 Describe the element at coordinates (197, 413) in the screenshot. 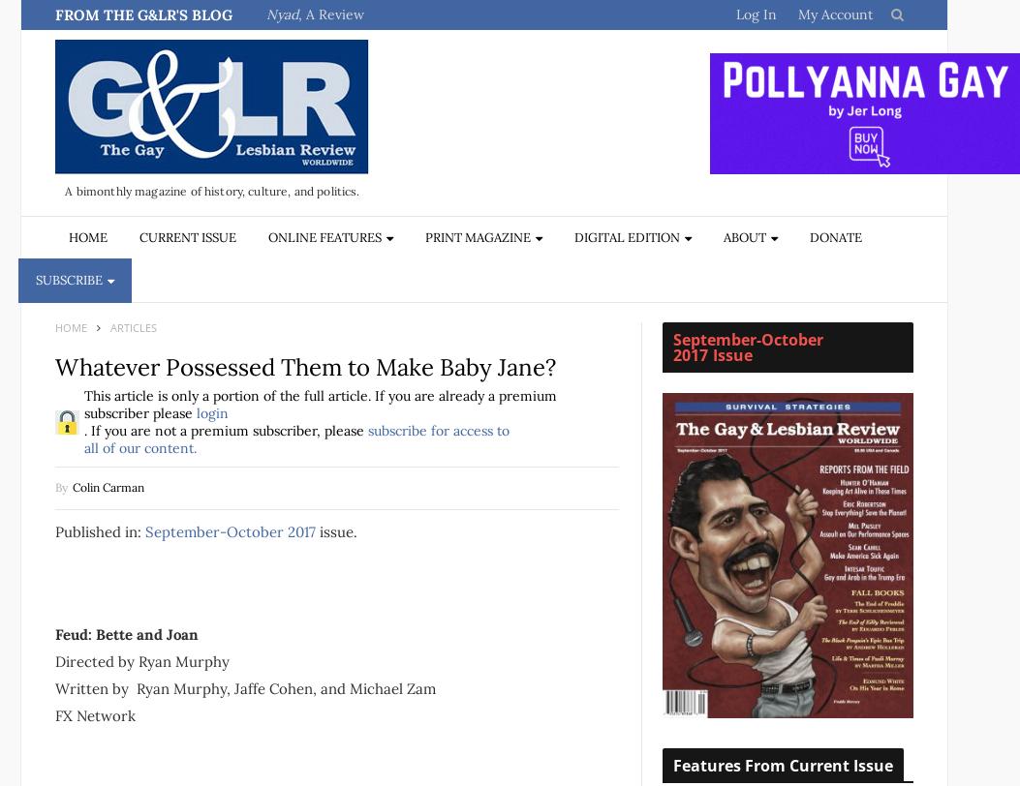

I see `'login'` at that location.